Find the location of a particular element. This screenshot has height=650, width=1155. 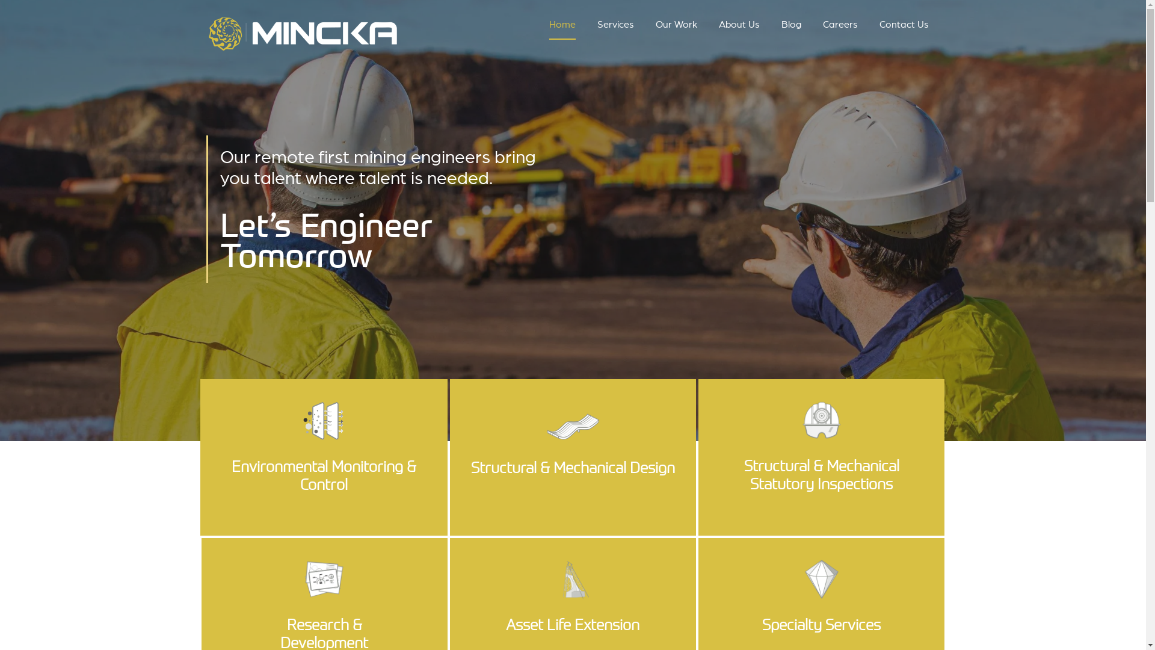

'About Us' is located at coordinates (738, 27).